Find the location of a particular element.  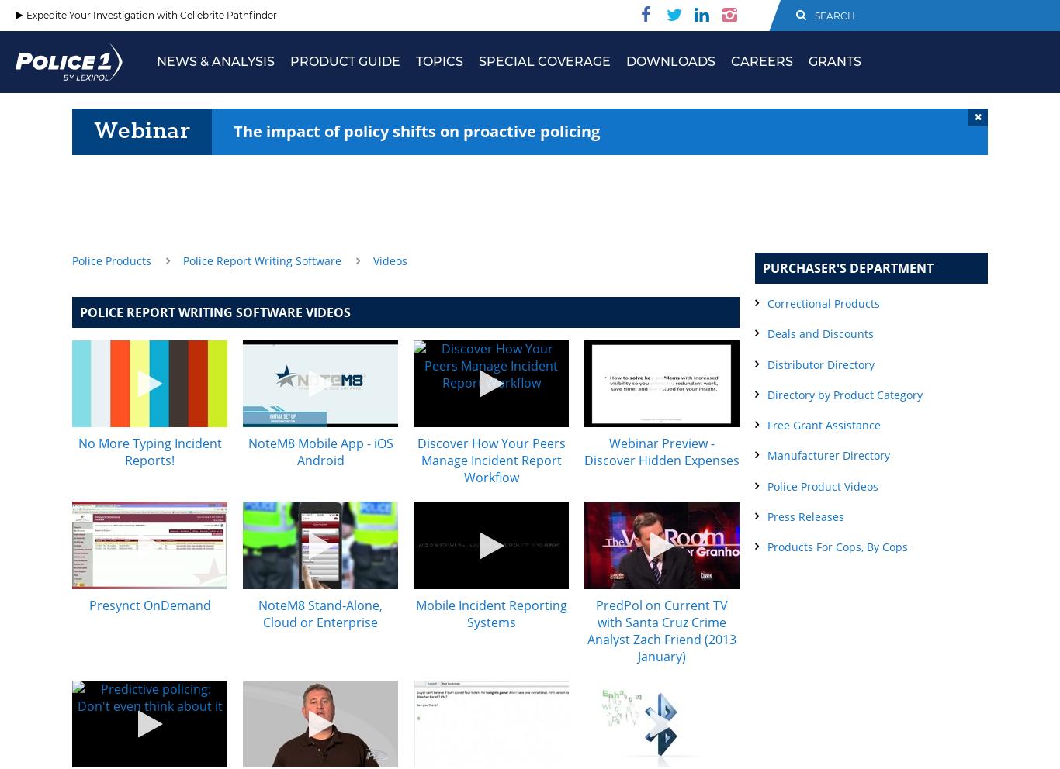

'Free Grant Assistance' is located at coordinates (767, 425).